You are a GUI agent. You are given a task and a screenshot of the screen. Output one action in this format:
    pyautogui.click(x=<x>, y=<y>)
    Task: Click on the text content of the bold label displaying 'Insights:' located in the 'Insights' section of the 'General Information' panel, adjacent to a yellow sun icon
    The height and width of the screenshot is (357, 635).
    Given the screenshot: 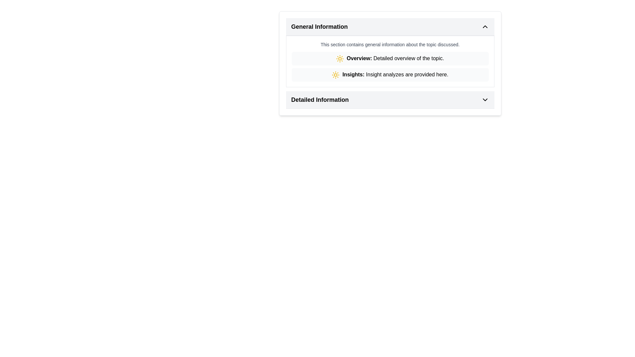 What is the action you would take?
    pyautogui.click(x=353, y=74)
    